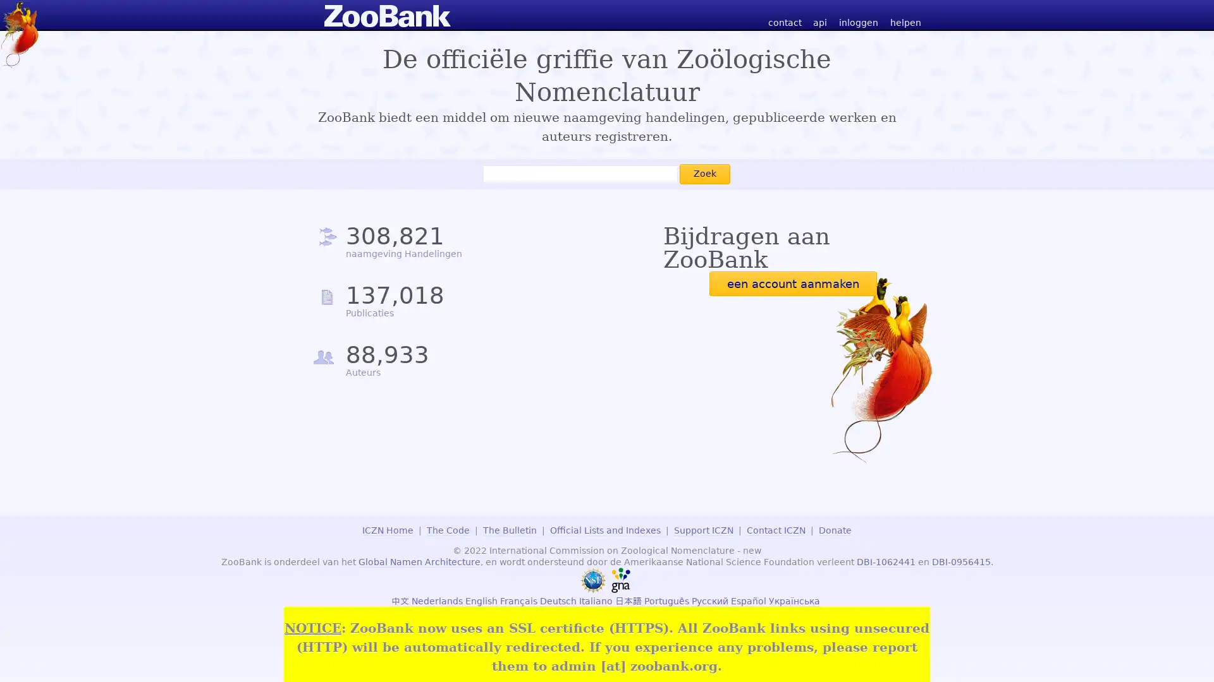  Describe the element at coordinates (704, 174) in the screenshot. I see `Zoek` at that location.